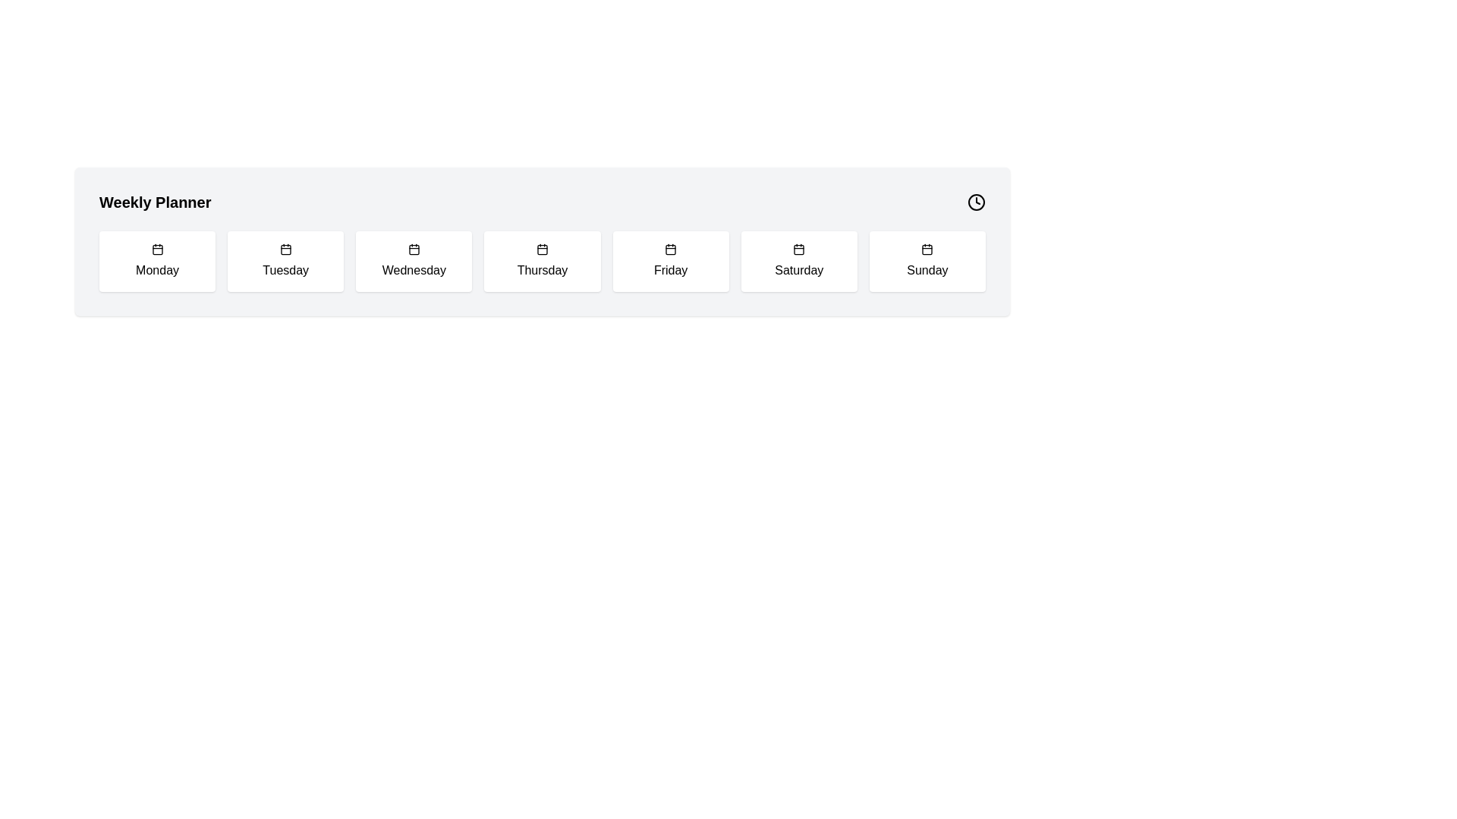  Describe the element at coordinates (157, 249) in the screenshot. I see `graphical element of the calendar icon associated with the 'Monday' cell, which is centrally located in the first column of the calendar row` at that location.